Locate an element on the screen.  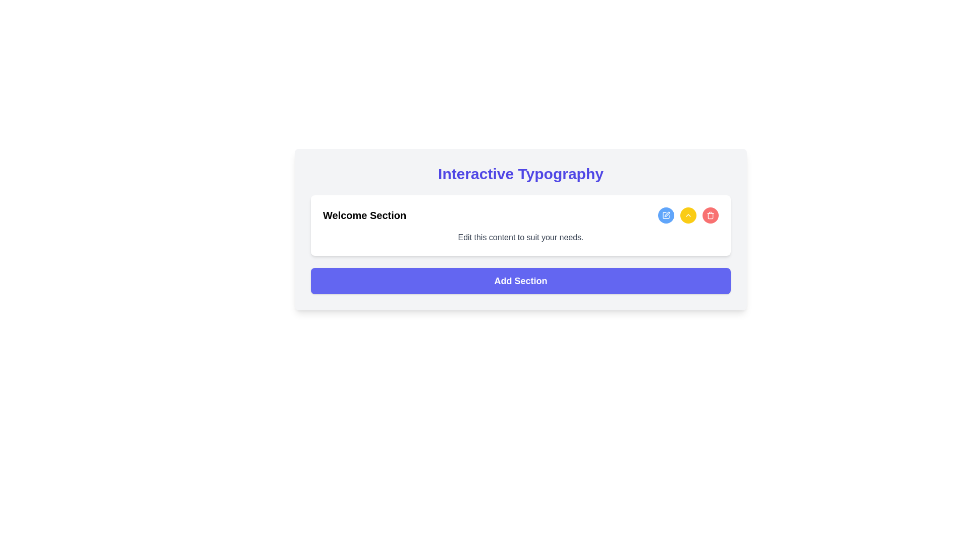
the small up-chevron icon with a yellow circular background located in the toolbar at the top right of the 'Welcome Section' content card is located at coordinates (687, 215).